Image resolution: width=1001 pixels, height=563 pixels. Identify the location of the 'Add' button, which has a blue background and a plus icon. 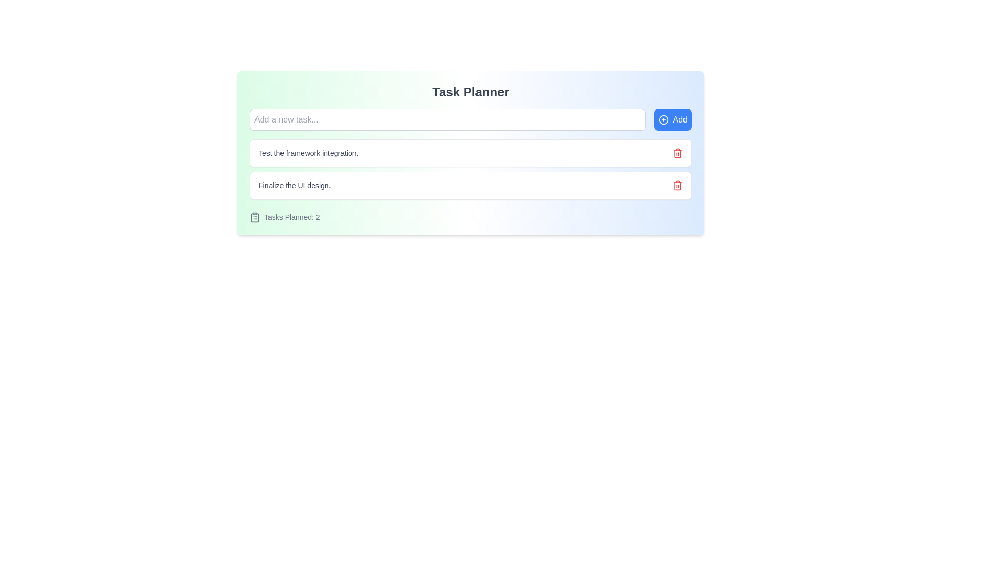
(673, 119).